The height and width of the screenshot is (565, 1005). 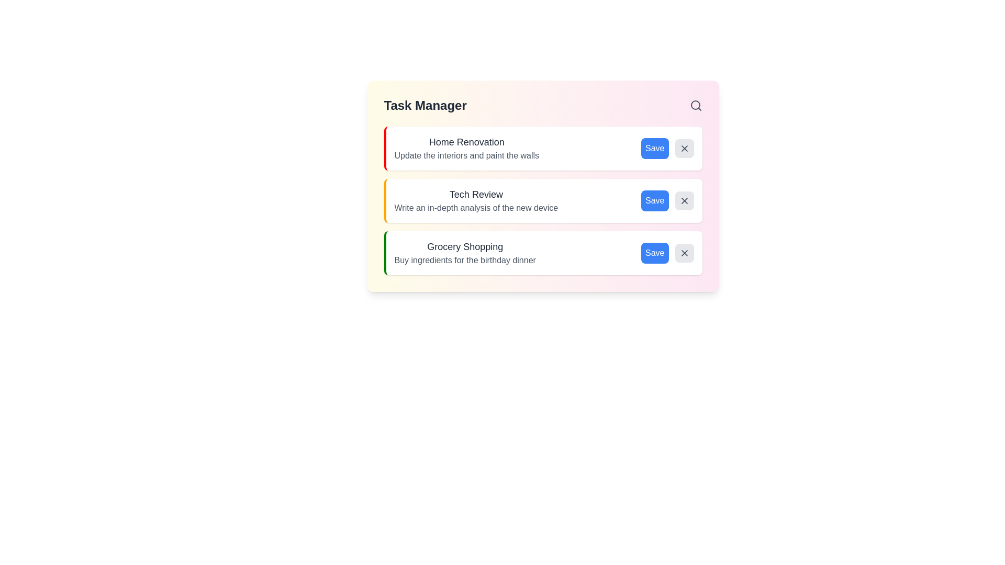 What do you see at coordinates (654, 201) in the screenshot?
I see `the 'Save' button for the task item Tech Review` at bounding box center [654, 201].